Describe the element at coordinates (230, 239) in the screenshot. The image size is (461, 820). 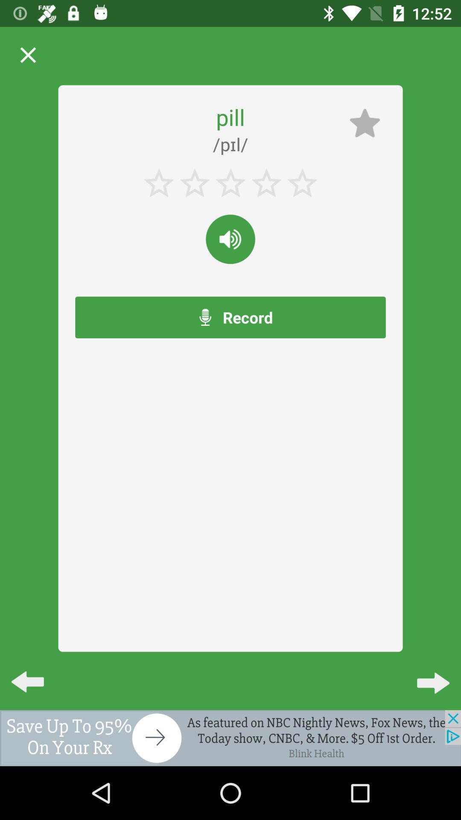
I see `the volume icon` at that location.